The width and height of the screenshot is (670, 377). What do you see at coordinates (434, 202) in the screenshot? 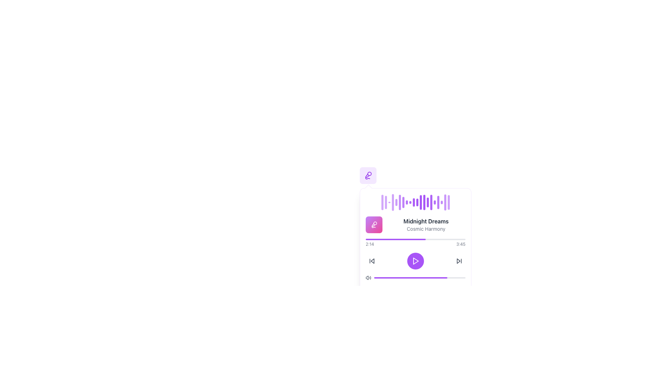
I see `the animation of the decorative vertical bar with a purple fill color and pulsating animation, located as the 16th bar from the left in the waveform sequence` at bounding box center [434, 202].